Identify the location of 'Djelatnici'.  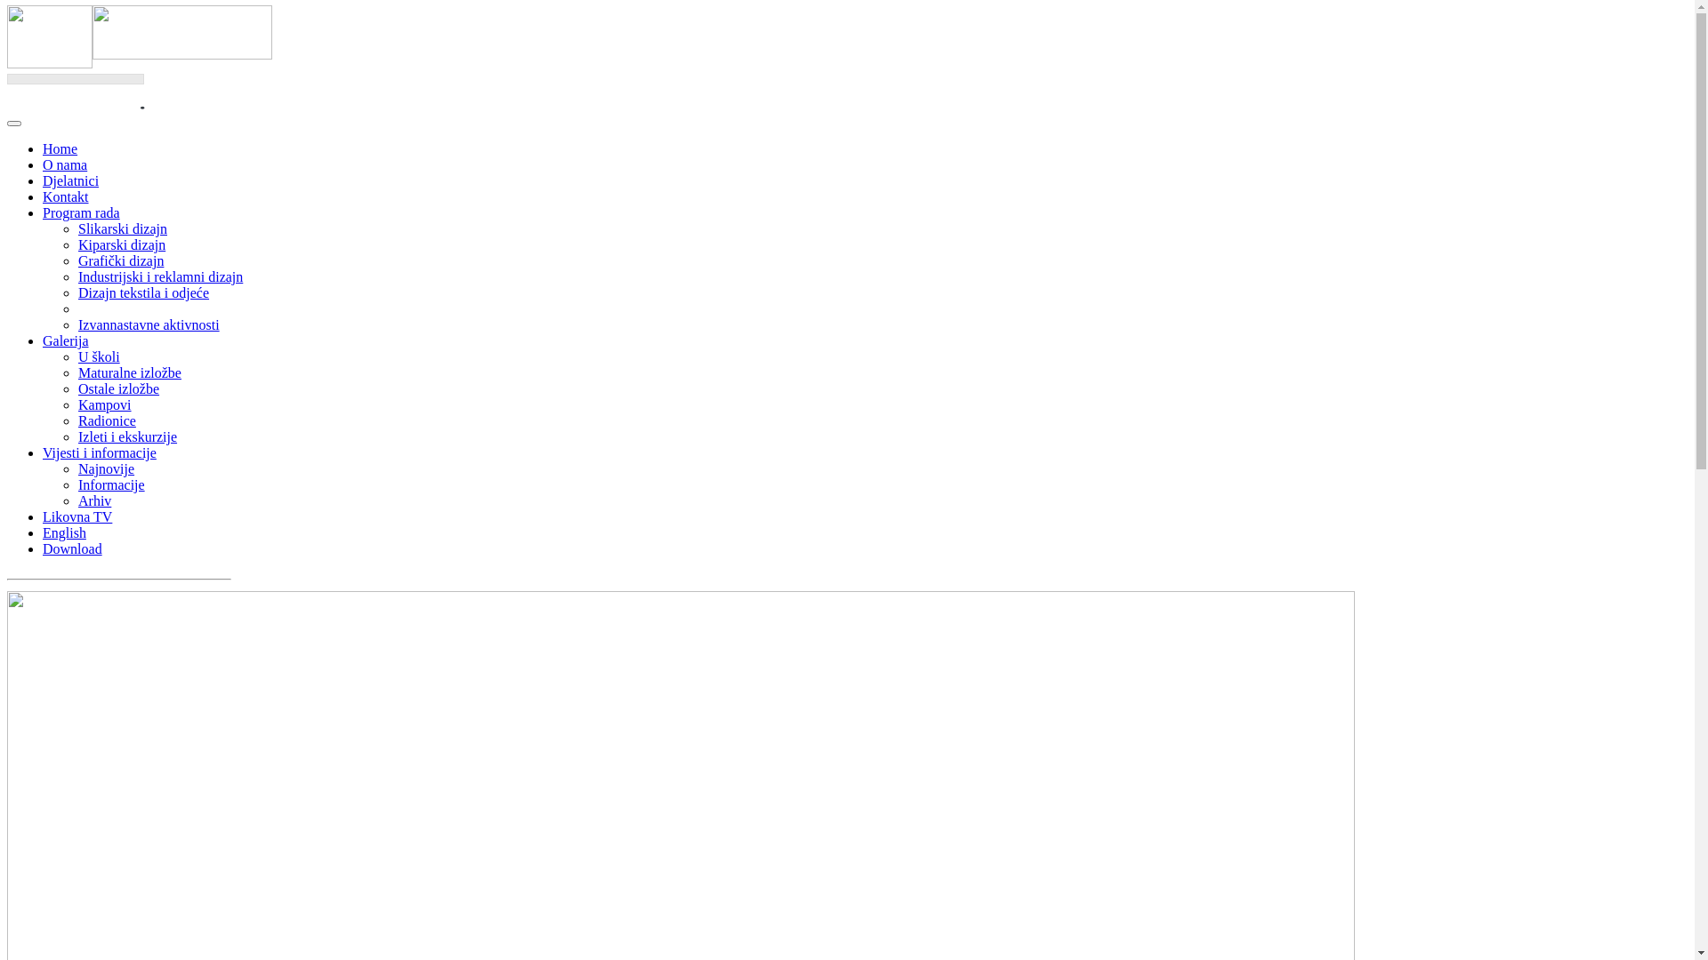
(70, 180).